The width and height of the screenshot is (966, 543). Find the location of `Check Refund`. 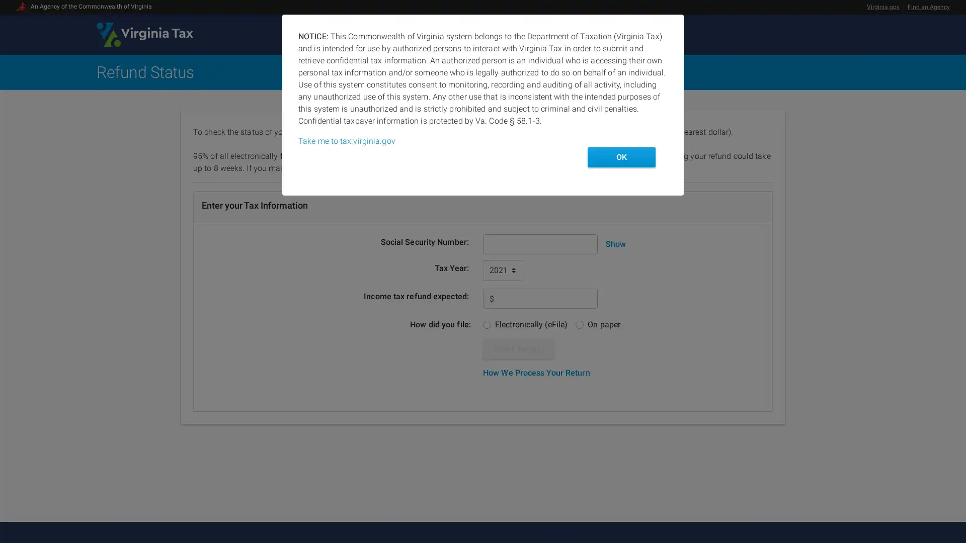

Check Refund is located at coordinates (518, 348).